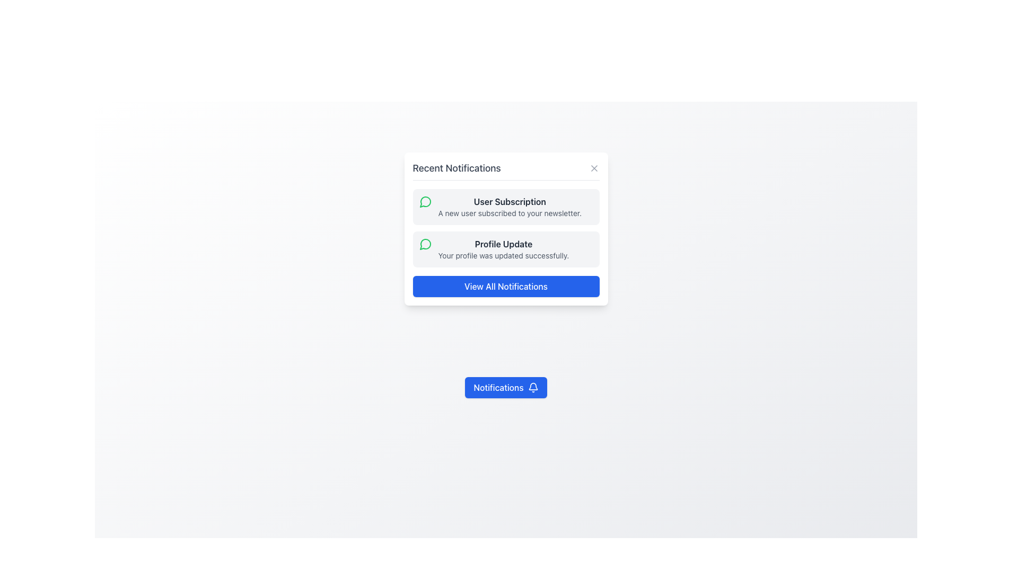 This screenshot has height=572, width=1018. I want to click on the second notification entry about the profile update event, located below 'User Subscription' and above 'View All Notifications', so click(503, 249).